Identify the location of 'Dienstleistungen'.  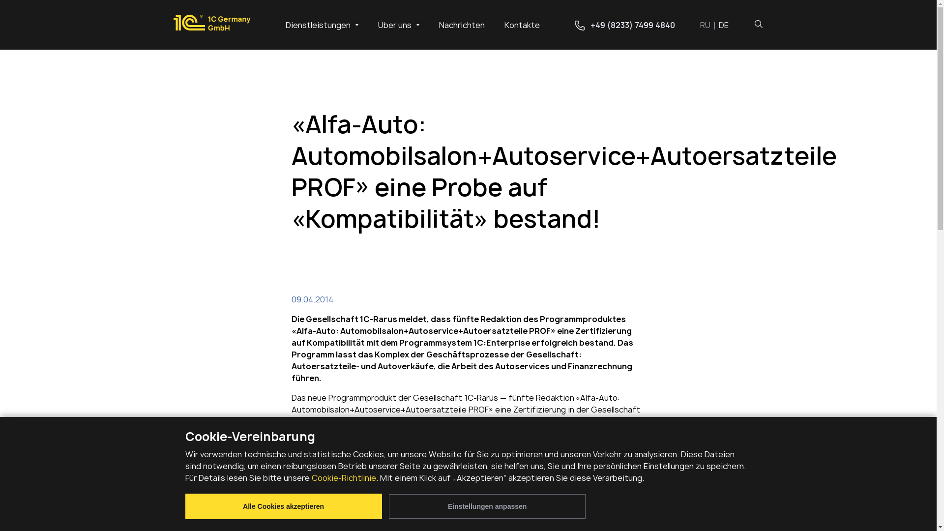
(321, 24).